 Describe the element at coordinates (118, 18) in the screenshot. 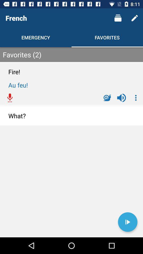

I see `item above favorites item` at that location.